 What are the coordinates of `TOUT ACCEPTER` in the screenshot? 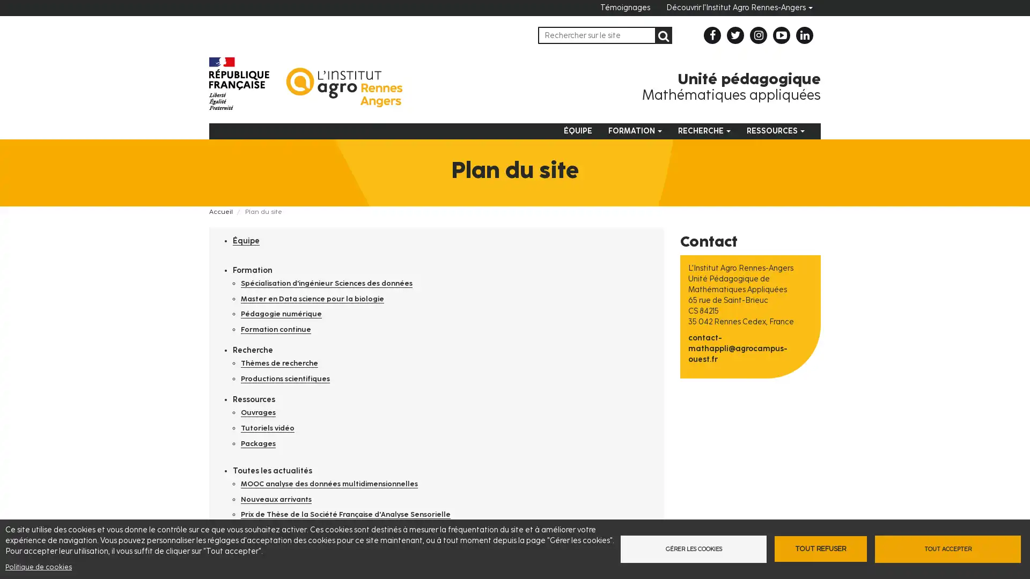 It's located at (950, 548).